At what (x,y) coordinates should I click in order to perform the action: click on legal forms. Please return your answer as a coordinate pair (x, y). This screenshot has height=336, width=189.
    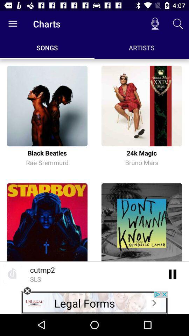
    Looking at the image, I should click on (94, 302).